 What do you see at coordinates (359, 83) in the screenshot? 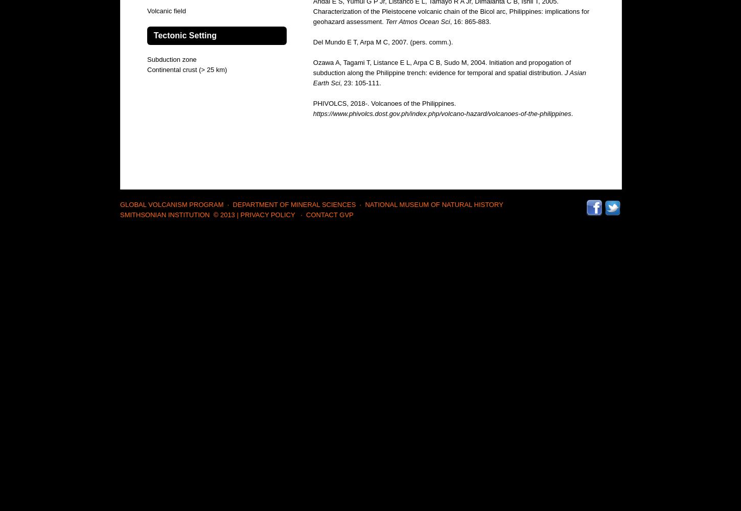
I see `', 23: 105-111.'` at bounding box center [359, 83].